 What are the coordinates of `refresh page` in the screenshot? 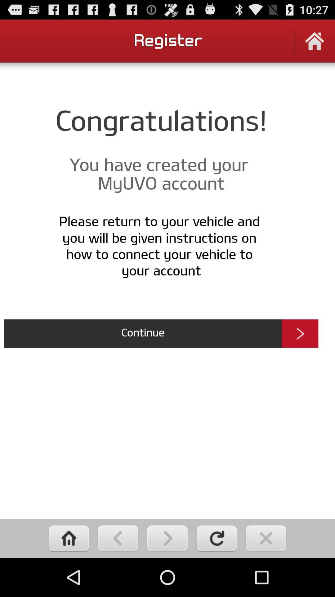 It's located at (216, 538).